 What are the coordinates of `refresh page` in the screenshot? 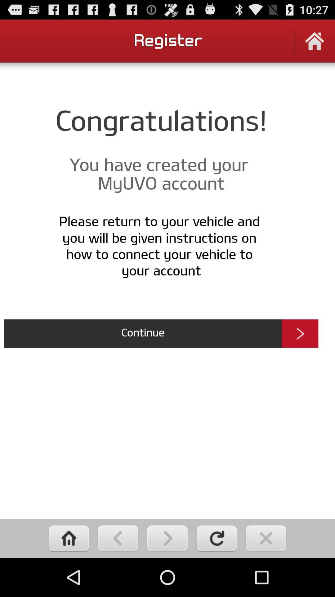 It's located at (216, 538).